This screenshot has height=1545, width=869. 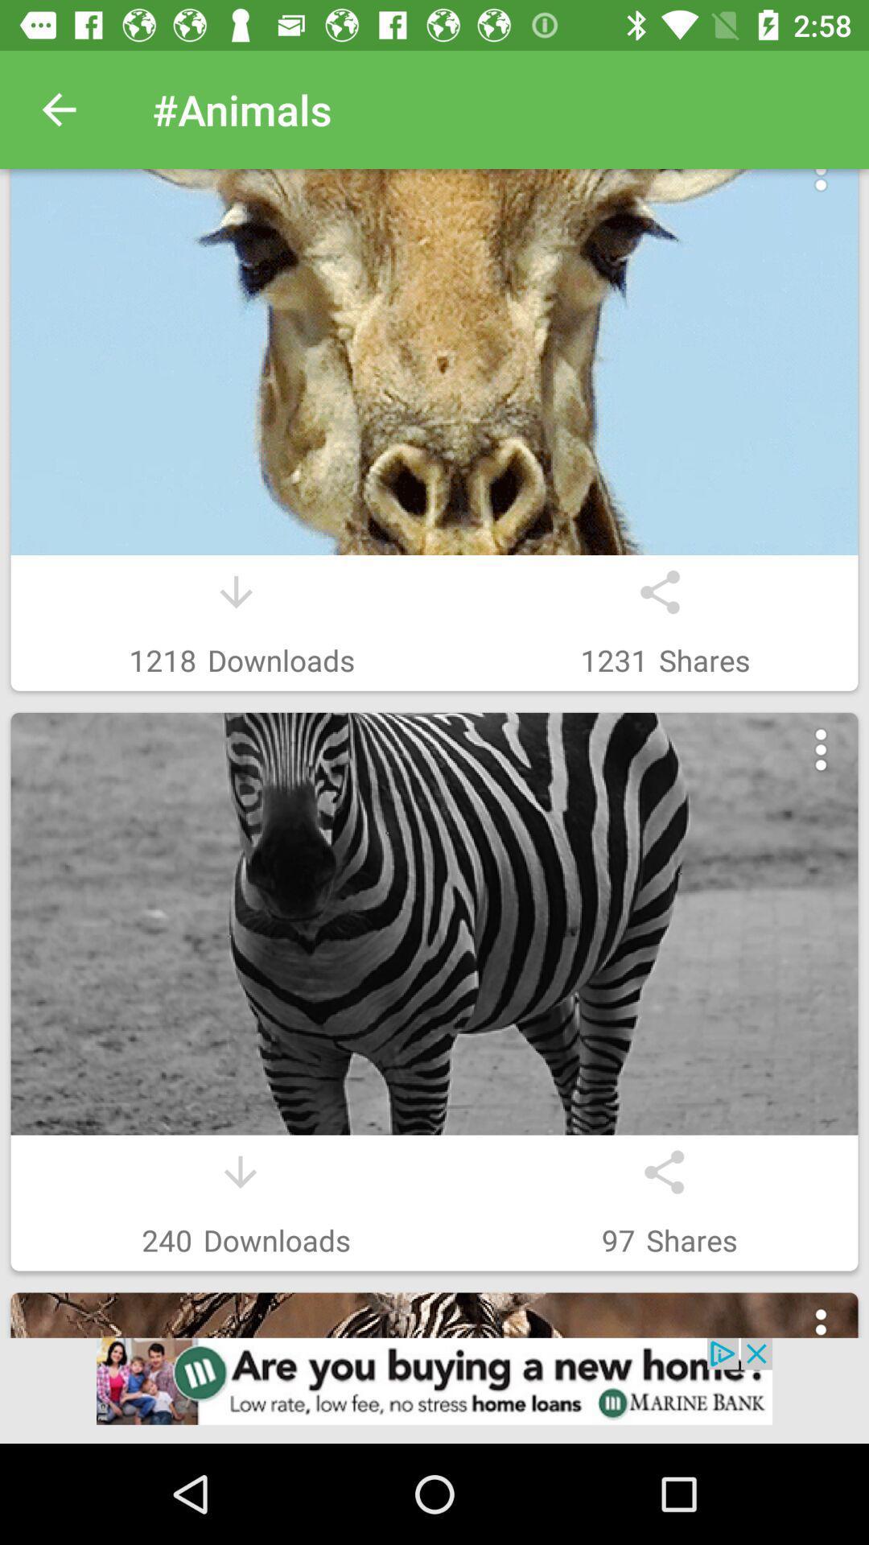 I want to click on advertisement, so click(x=434, y=1390).